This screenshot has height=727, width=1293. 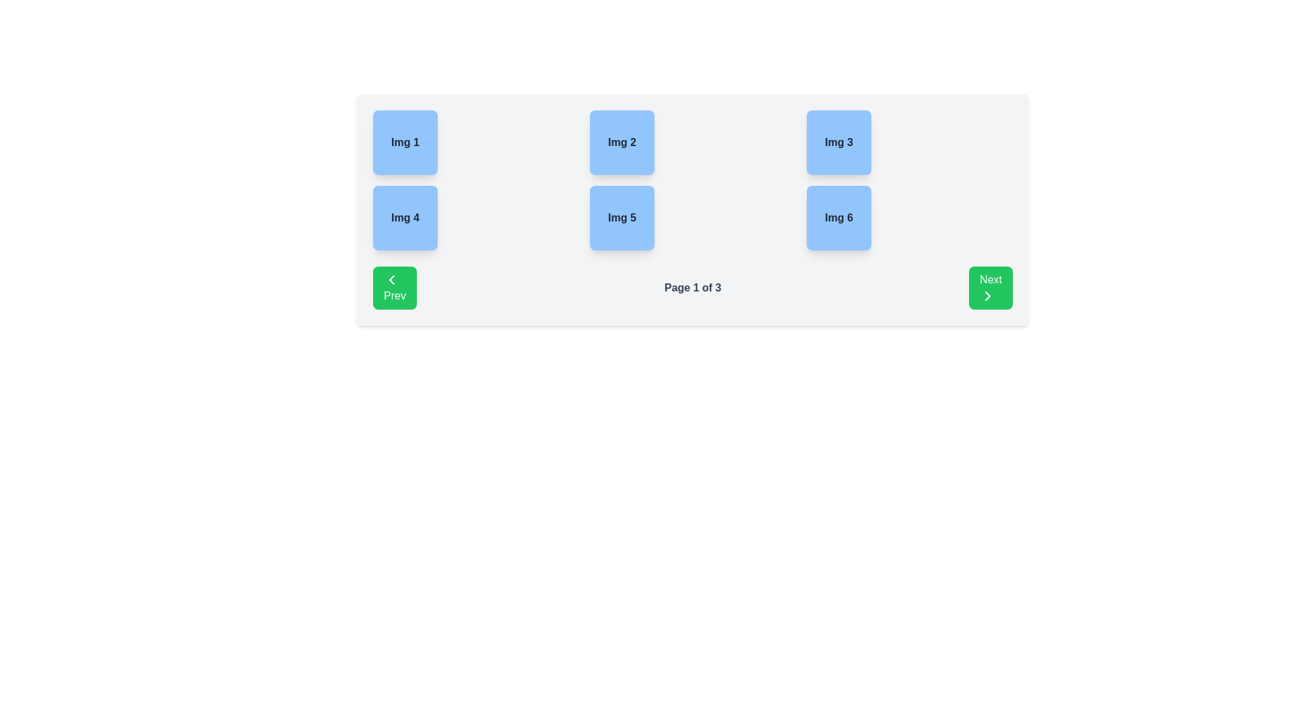 What do you see at coordinates (404, 217) in the screenshot?
I see `the button labeled 'Img 4'` at bounding box center [404, 217].